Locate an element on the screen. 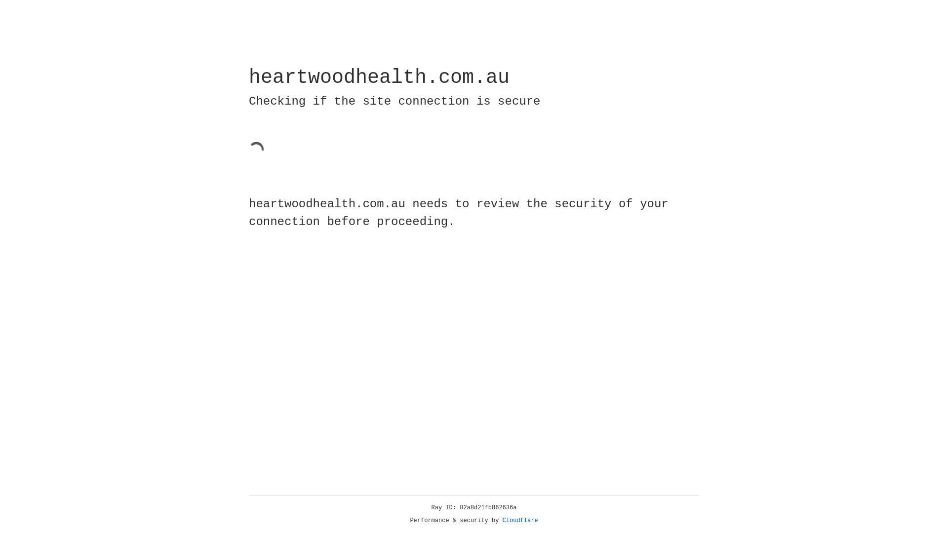 The height and width of the screenshot is (533, 948). 'Cloudflare' is located at coordinates (520, 520).